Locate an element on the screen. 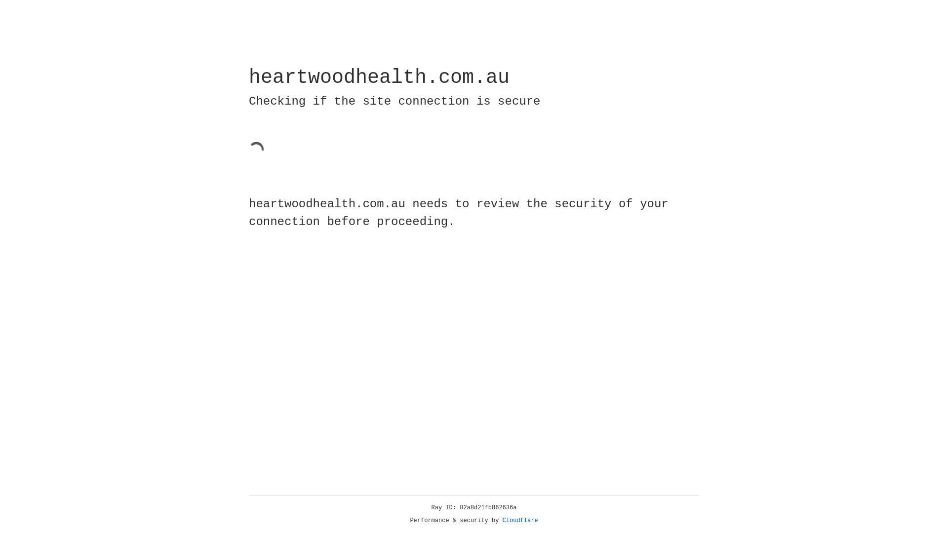 The height and width of the screenshot is (533, 948). 'Cloudflare' is located at coordinates (520, 520).